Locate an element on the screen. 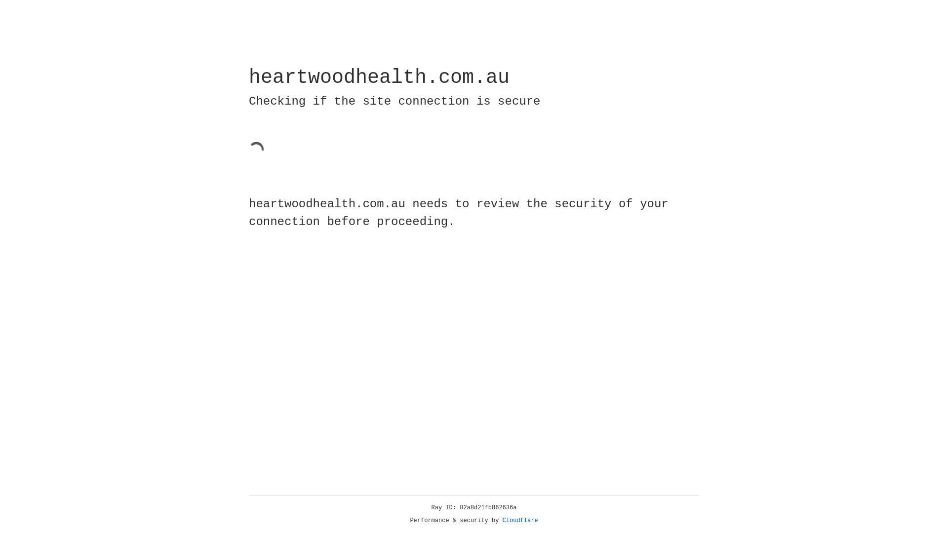 The height and width of the screenshot is (533, 948). 'Cloudflare' is located at coordinates (520, 520).